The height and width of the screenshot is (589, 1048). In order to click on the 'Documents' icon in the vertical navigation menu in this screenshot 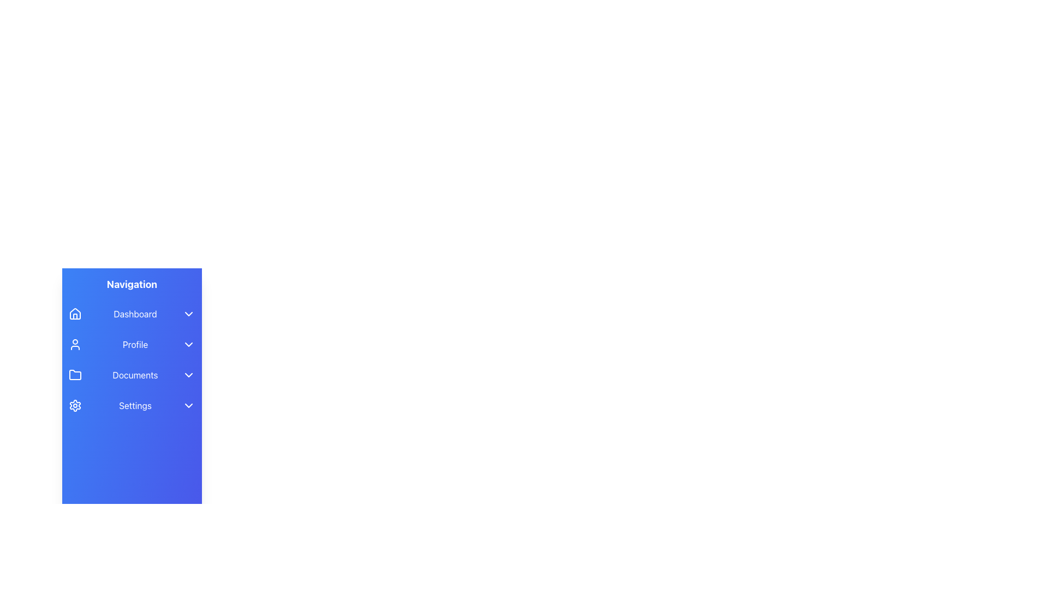, I will do `click(75, 374)`.